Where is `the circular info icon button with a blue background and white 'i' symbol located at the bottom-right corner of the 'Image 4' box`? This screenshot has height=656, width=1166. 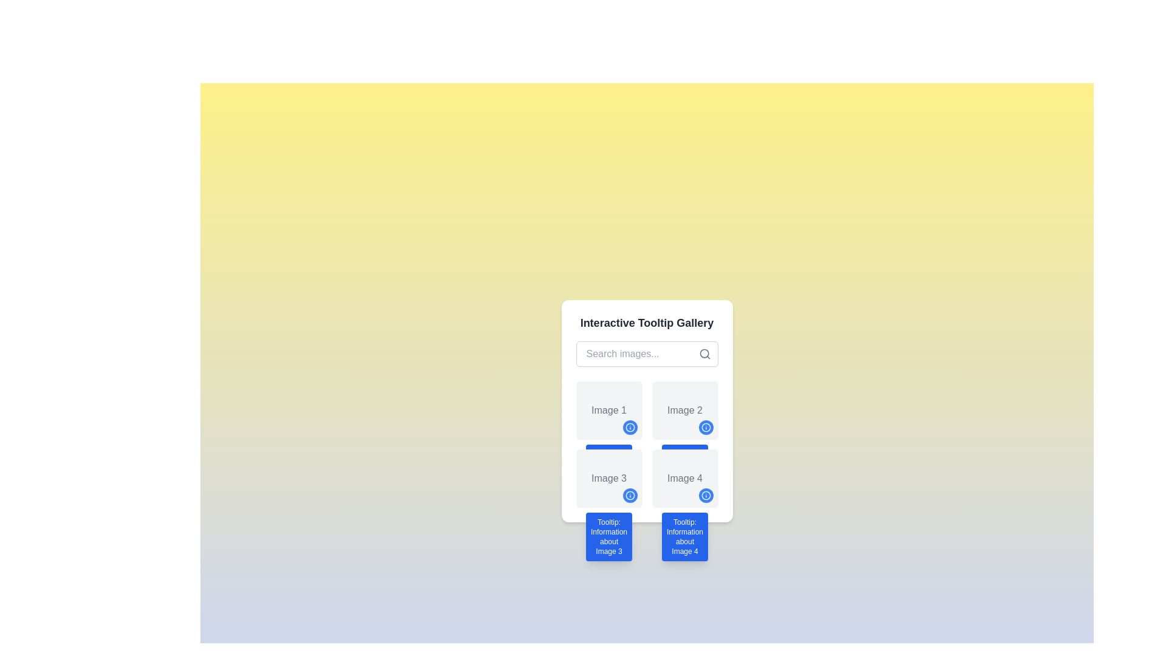
the circular info icon button with a blue background and white 'i' symbol located at the bottom-right corner of the 'Image 4' box is located at coordinates (630, 427).